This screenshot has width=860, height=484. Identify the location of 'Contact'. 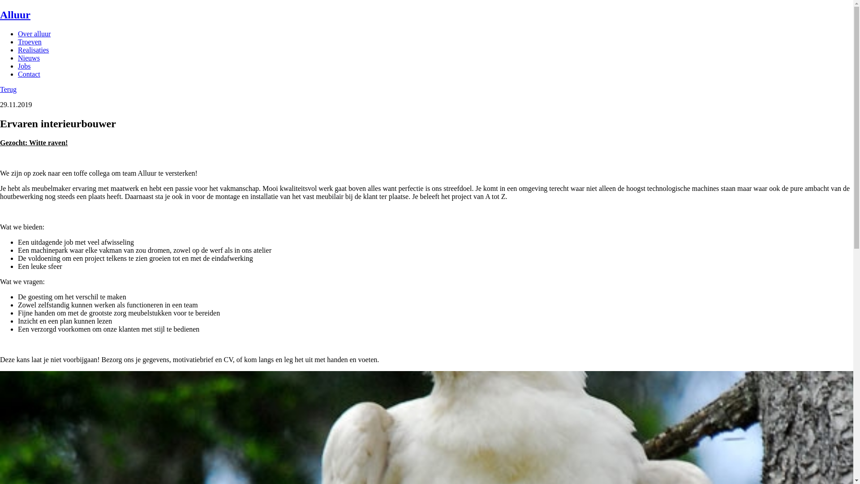
(29, 73).